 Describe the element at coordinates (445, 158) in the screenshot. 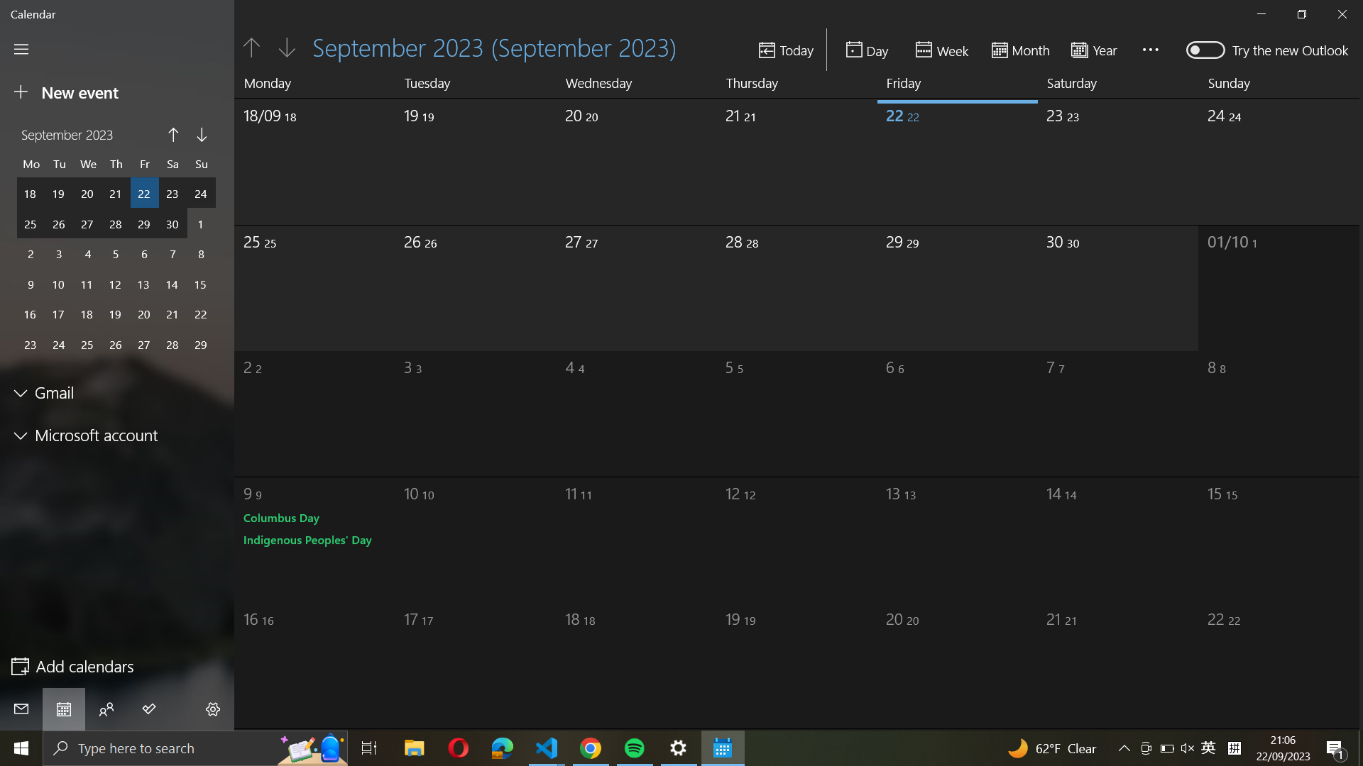

I see `Pick the date of September 19` at that location.